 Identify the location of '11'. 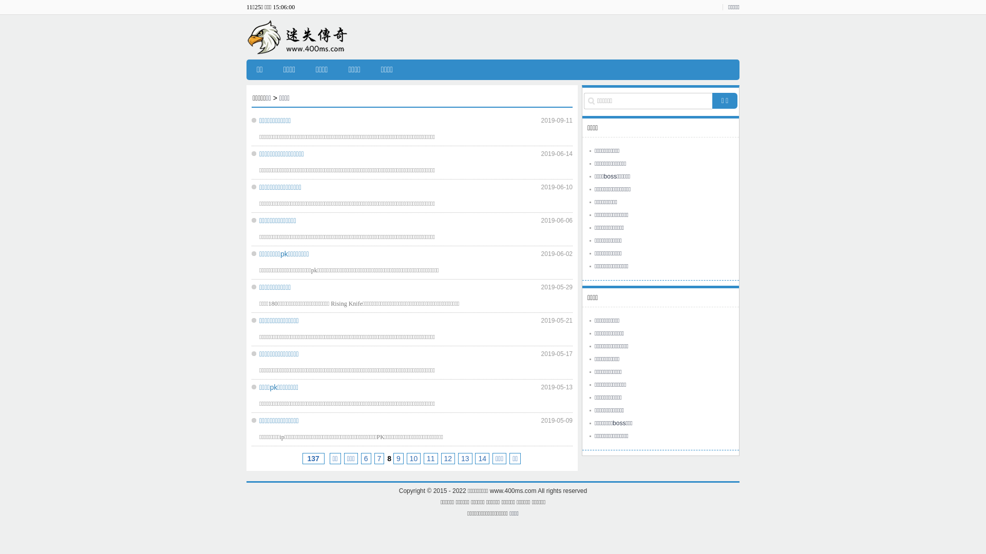
(424, 458).